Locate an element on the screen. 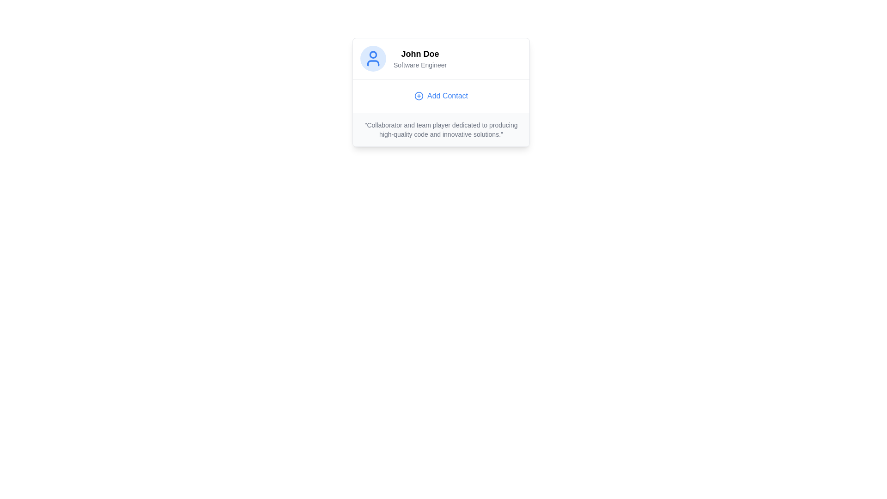 The width and height of the screenshot is (887, 499). the text label that displays the individual's name, which is located in the top-left corner of the card above the 'Software Engineer' text is located at coordinates (419, 54).